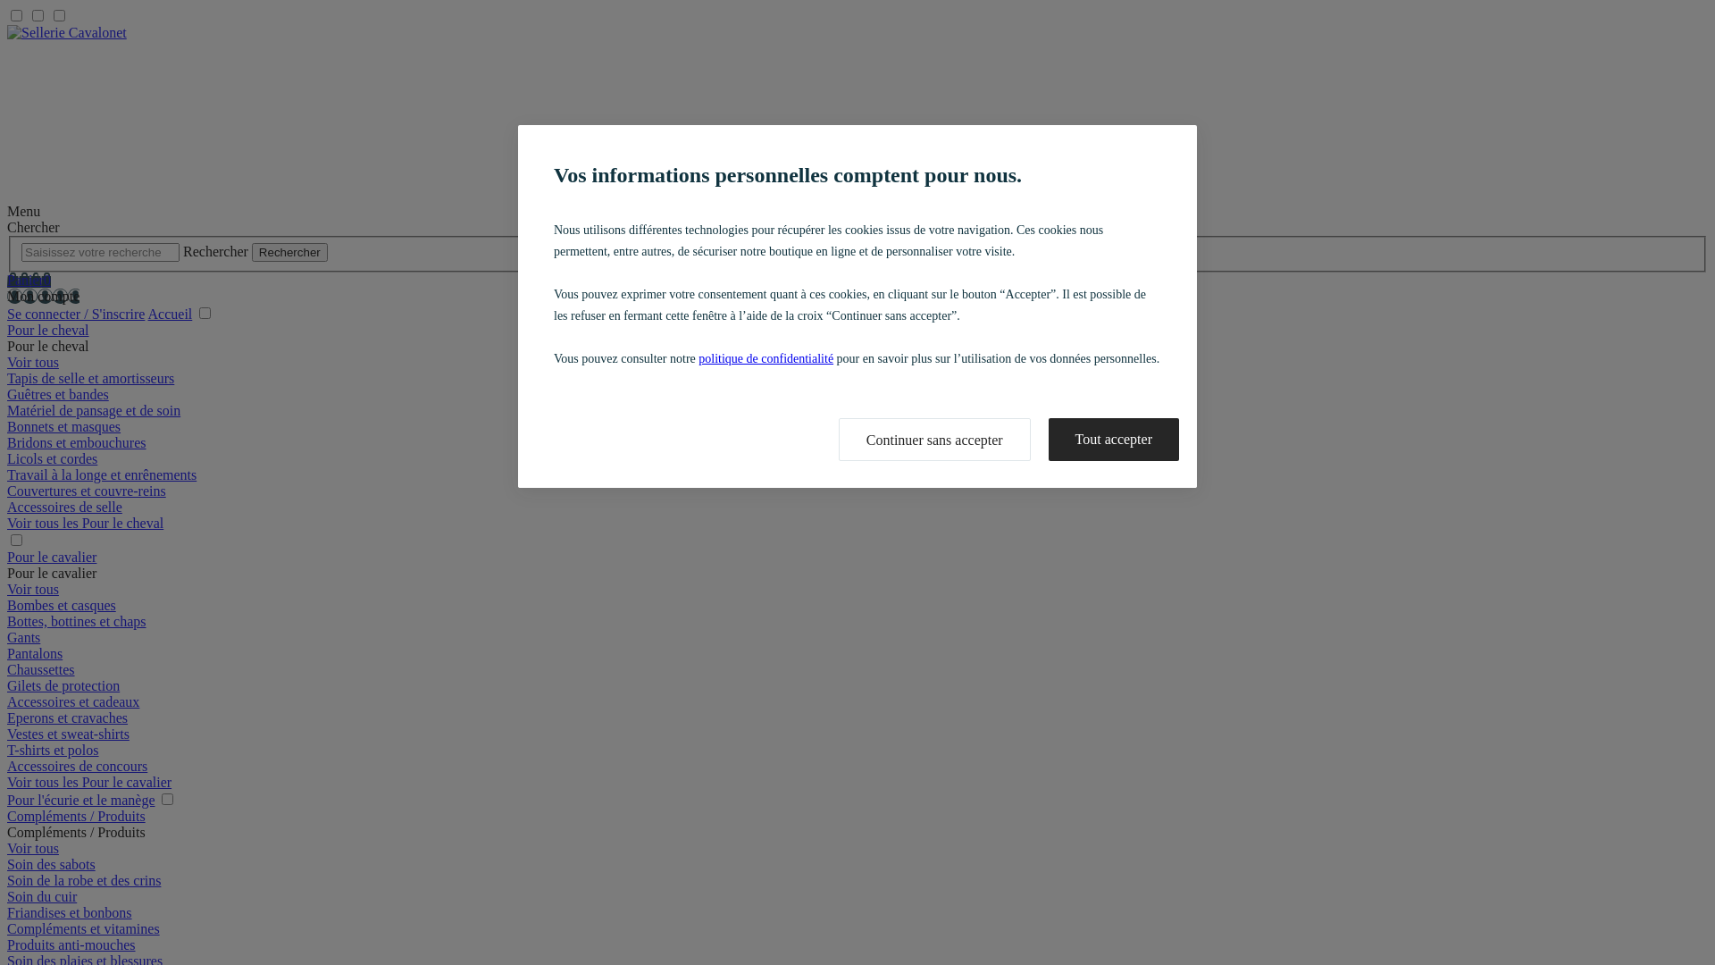 The image size is (1715, 965). I want to click on 'Se connecter / S'inscrire', so click(75, 313).